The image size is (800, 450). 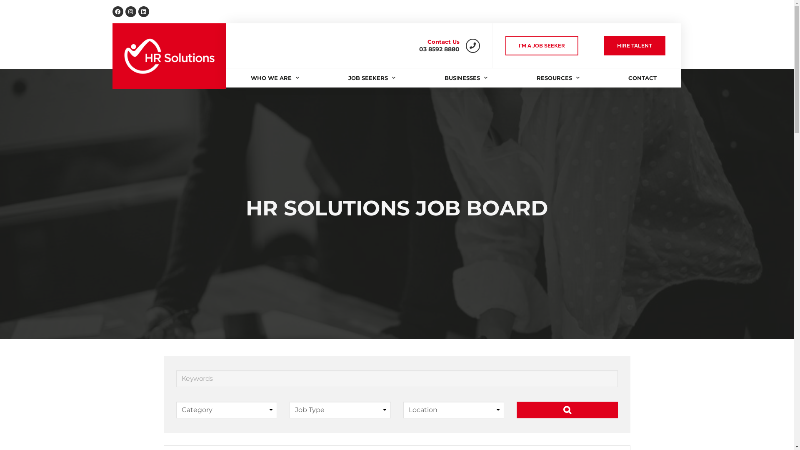 I want to click on 'WHO WE ARE', so click(x=275, y=77).